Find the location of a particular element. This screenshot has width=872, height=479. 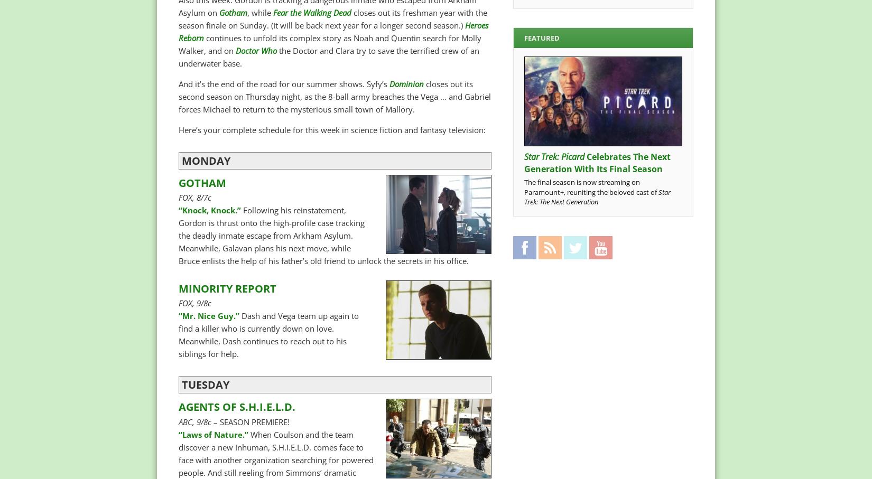

'Celebrates The Next Generation With Its Final Season' is located at coordinates (523, 162).